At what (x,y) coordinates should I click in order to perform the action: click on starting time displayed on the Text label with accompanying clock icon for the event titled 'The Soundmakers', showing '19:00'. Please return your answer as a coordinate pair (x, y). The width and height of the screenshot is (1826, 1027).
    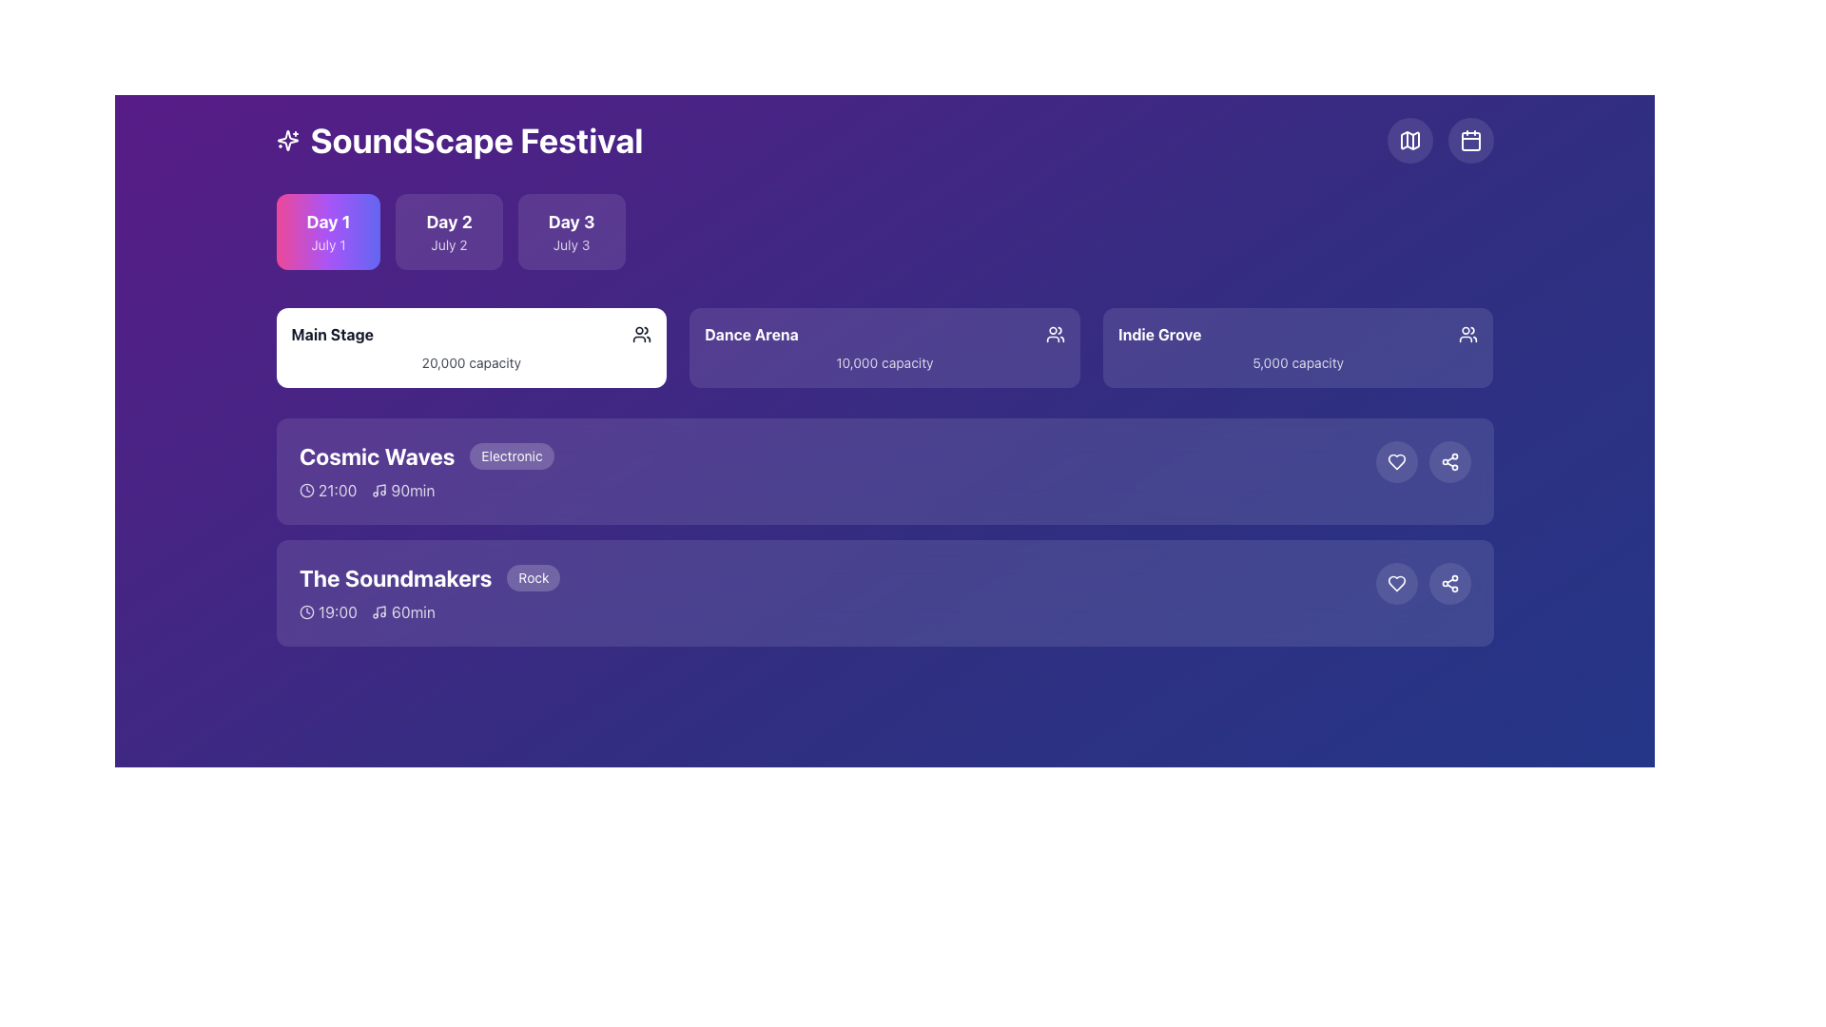
    Looking at the image, I should click on (328, 612).